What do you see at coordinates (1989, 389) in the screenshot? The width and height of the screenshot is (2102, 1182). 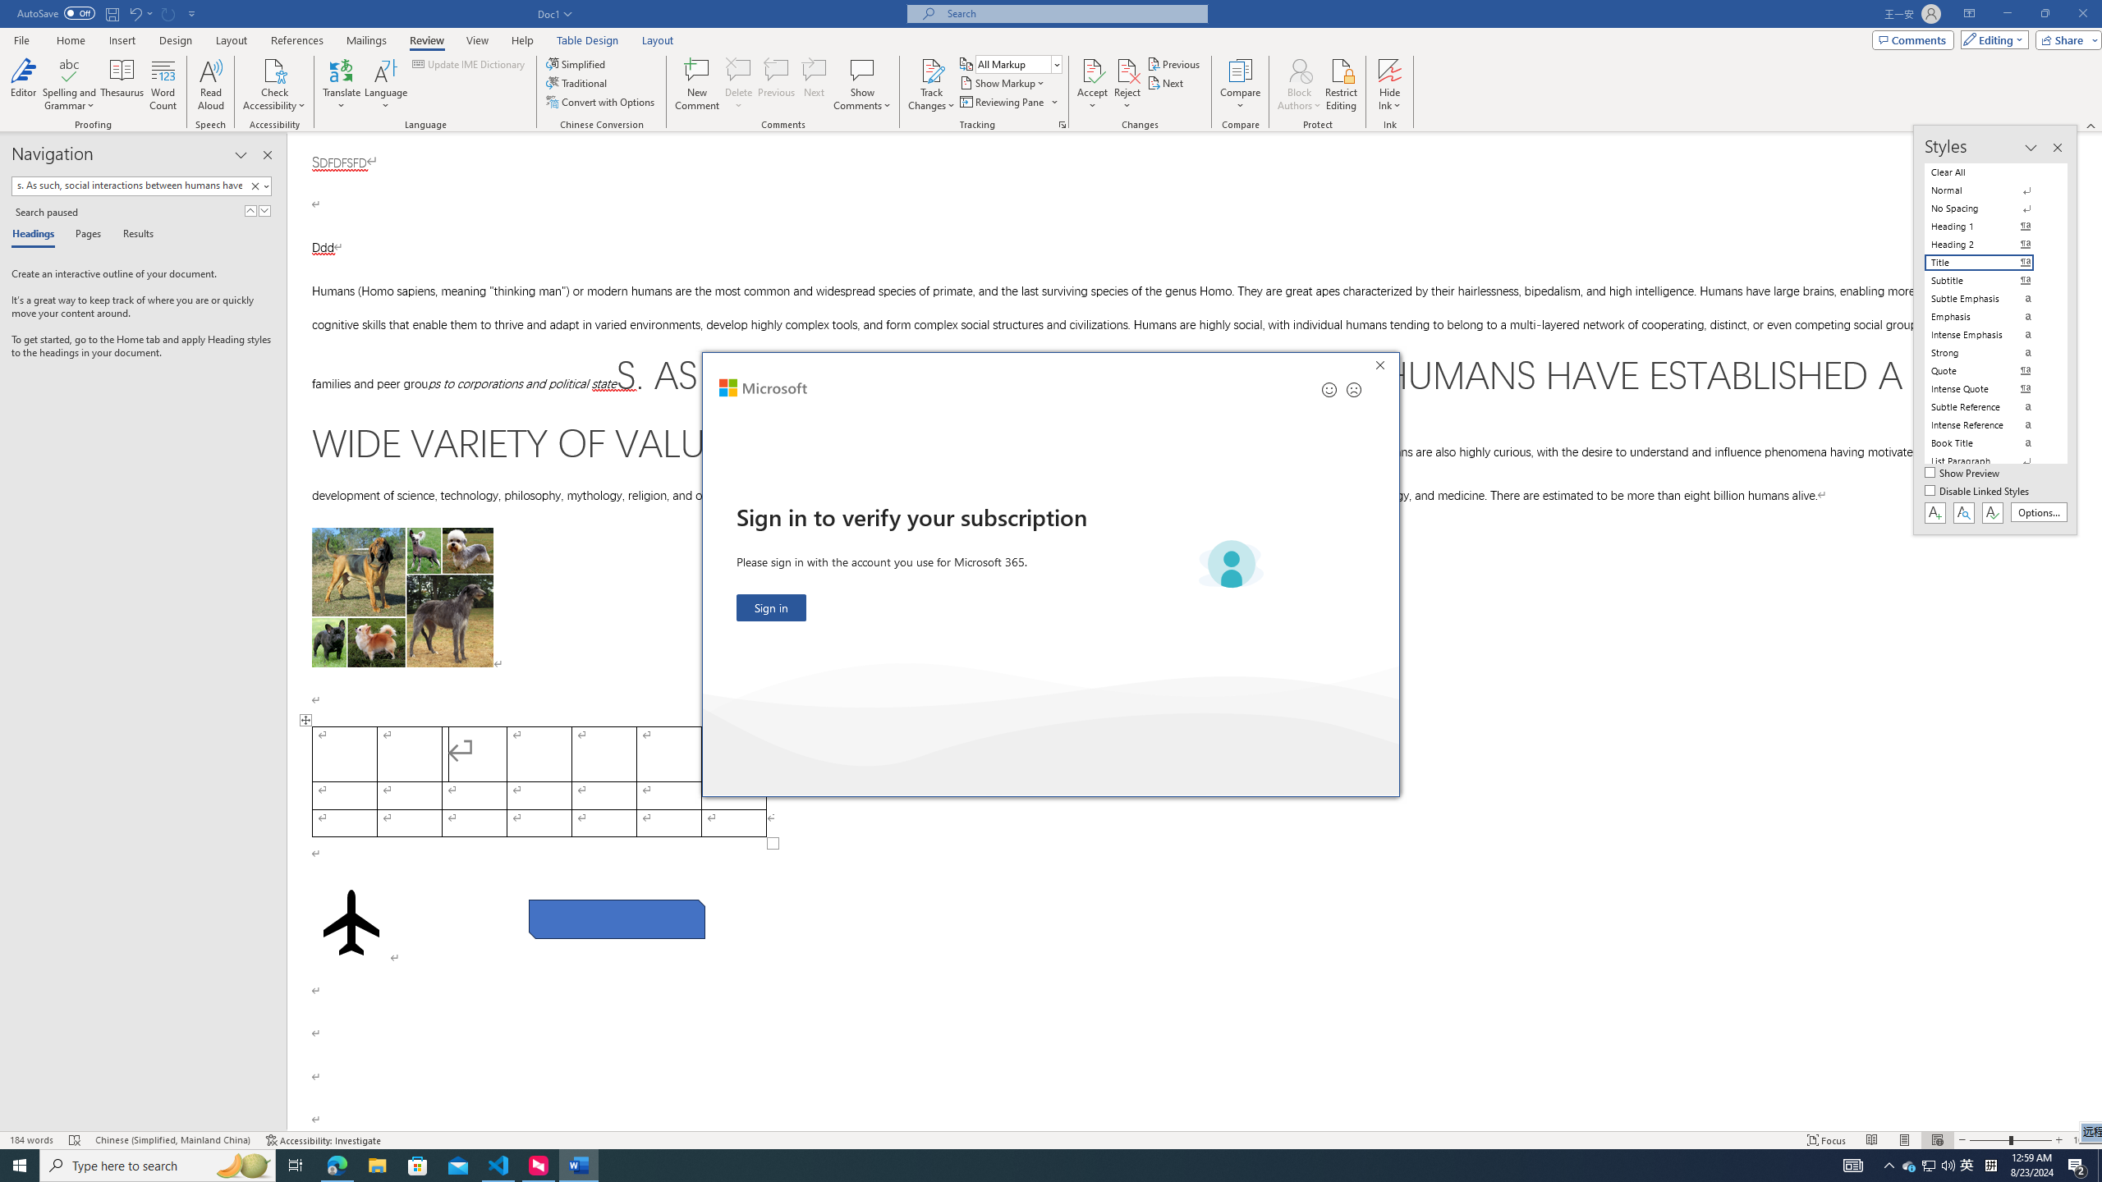 I see `'Intense Quote'` at bounding box center [1989, 389].